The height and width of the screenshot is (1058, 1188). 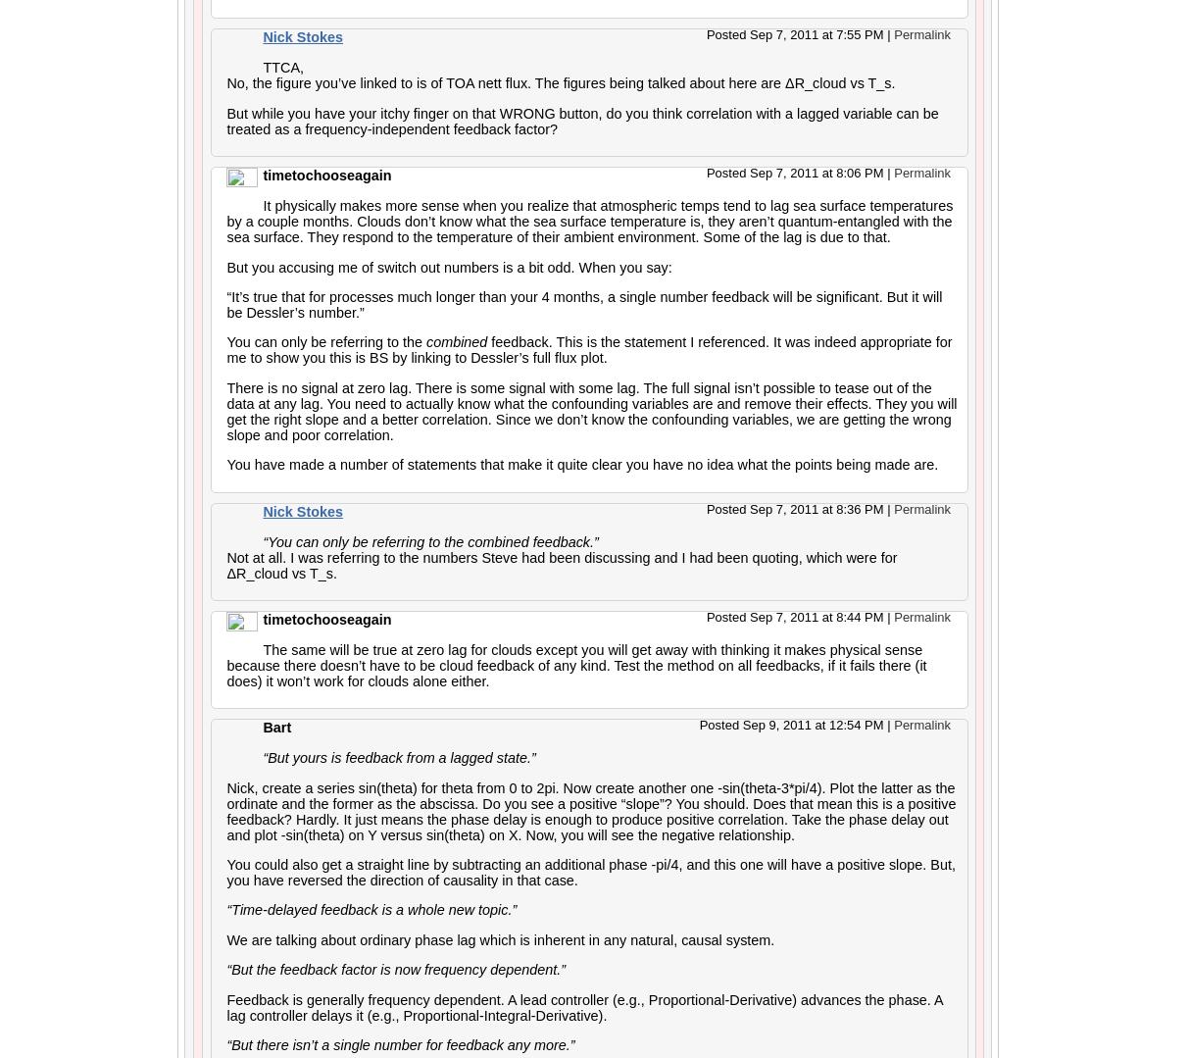 What do you see at coordinates (276, 727) in the screenshot?
I see `'Bart'` at bounding box center [276, 727].